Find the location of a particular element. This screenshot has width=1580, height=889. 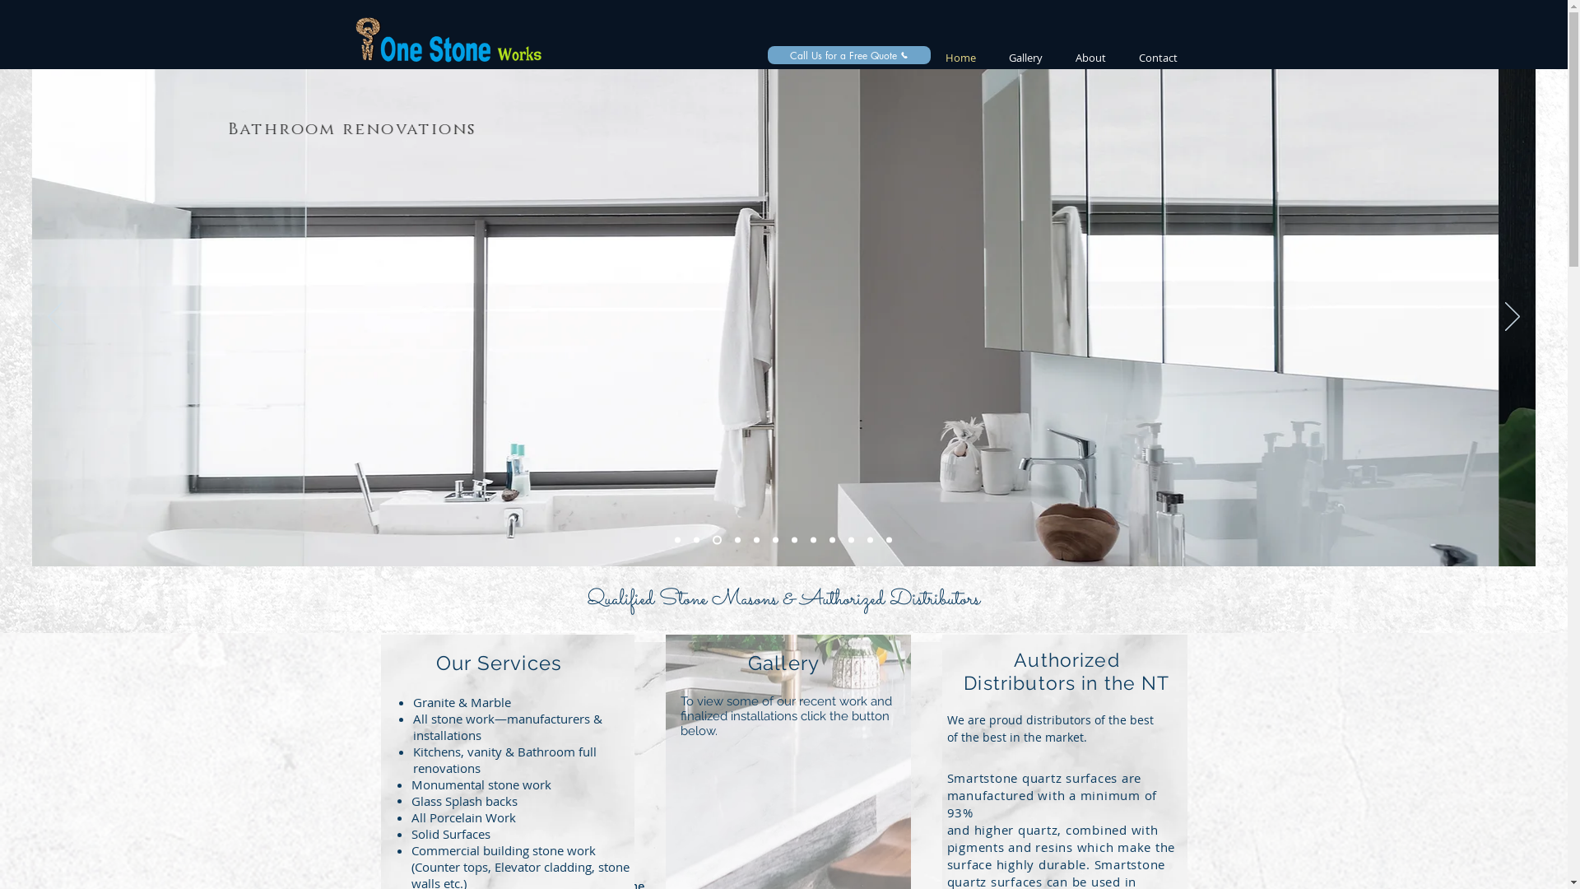

'Call Us for a Free Quote' is located at coordinates (848, 54).